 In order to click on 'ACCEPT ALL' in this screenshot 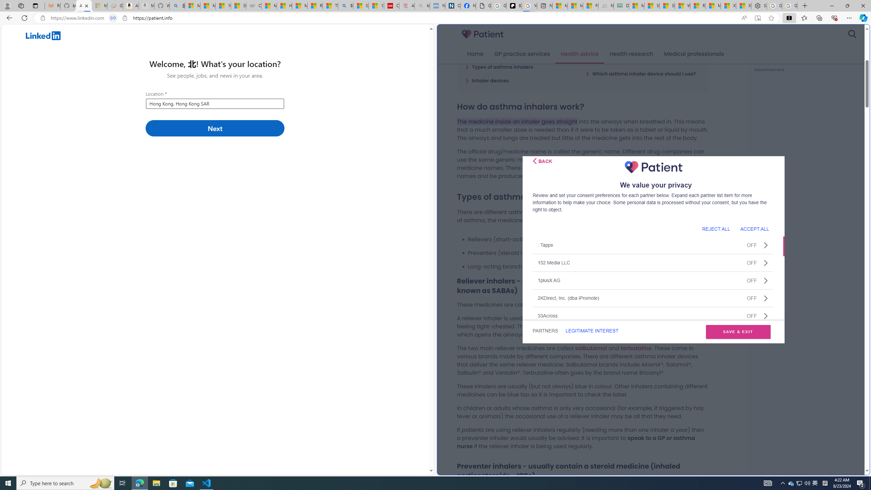, I will do `click(754, 228)`.